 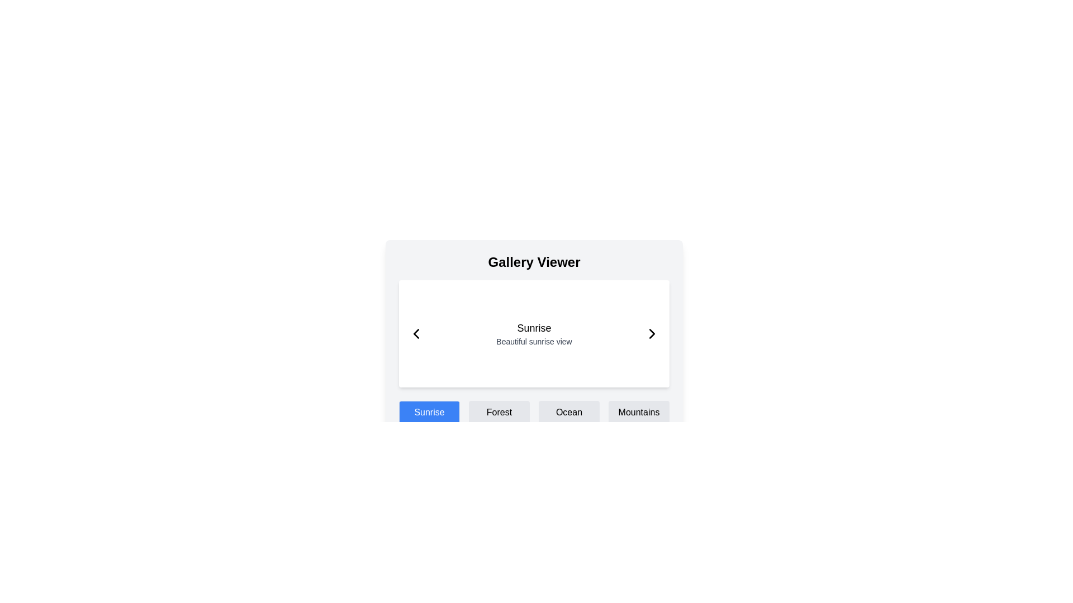 What do you see at coordinates (652, 333) in the screenshot?
I see `the navigation button located to the right of the text labeled 'Sunrise' and 'Beautiful sunrise view'` at bounding box center [652, 333].